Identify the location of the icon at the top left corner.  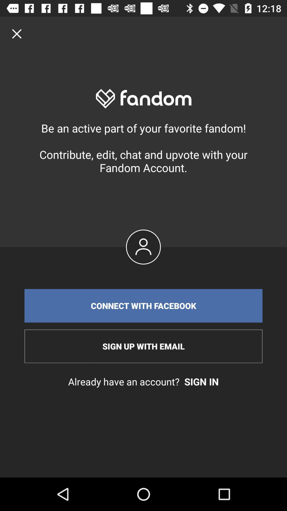
(16, 33).